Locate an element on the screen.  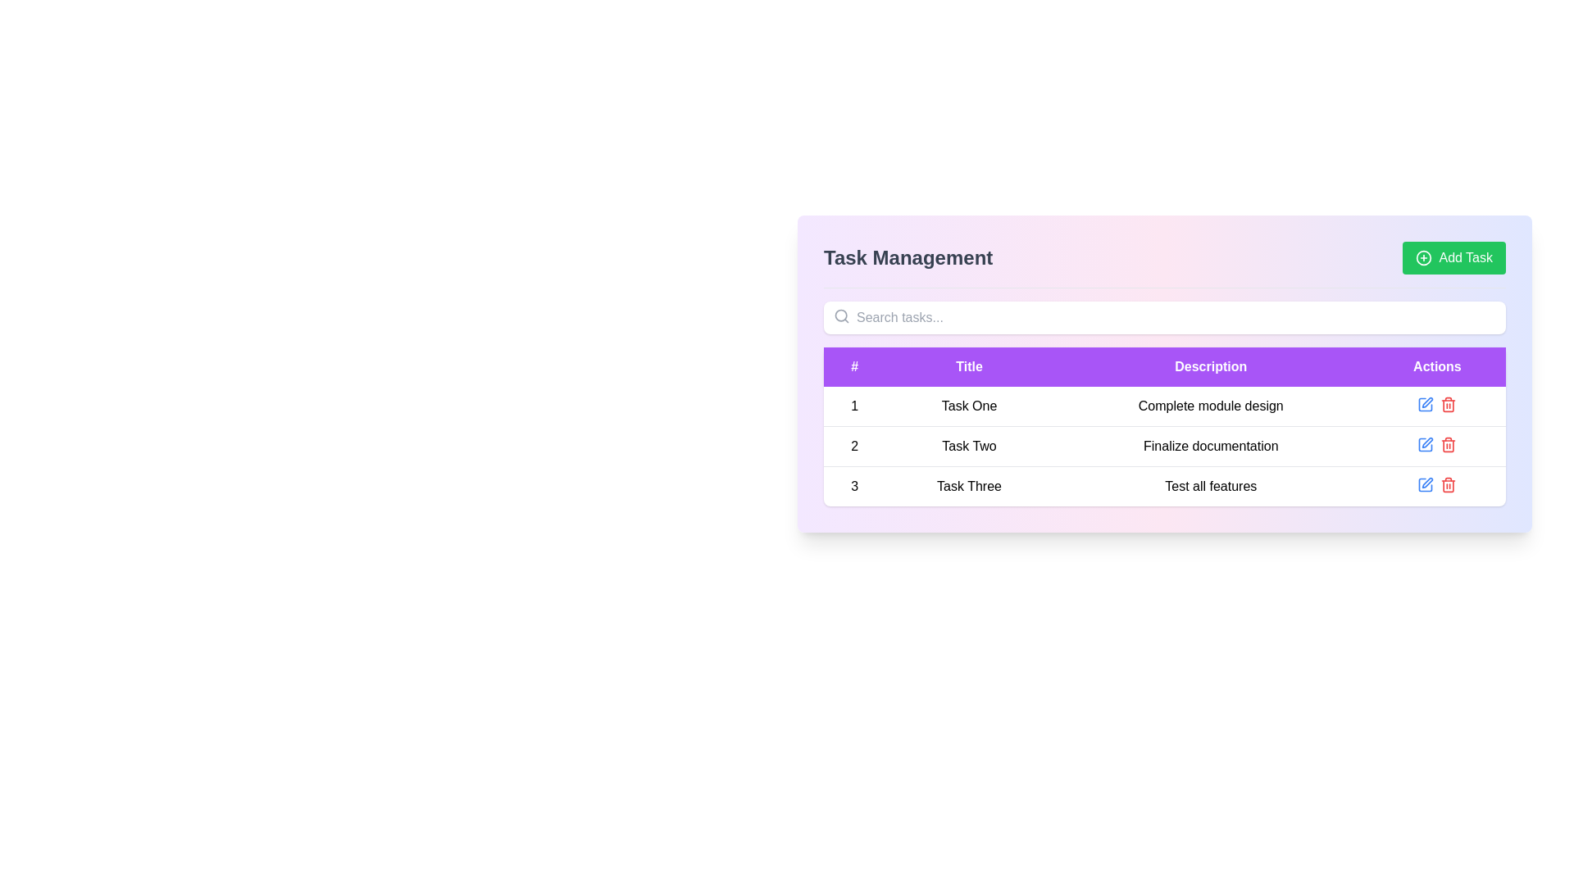
the text label displaying the number '2' in the first column of the table under the column labeled '#', which is part of the row for 'Task Two' is located at coordinates (853, 446).